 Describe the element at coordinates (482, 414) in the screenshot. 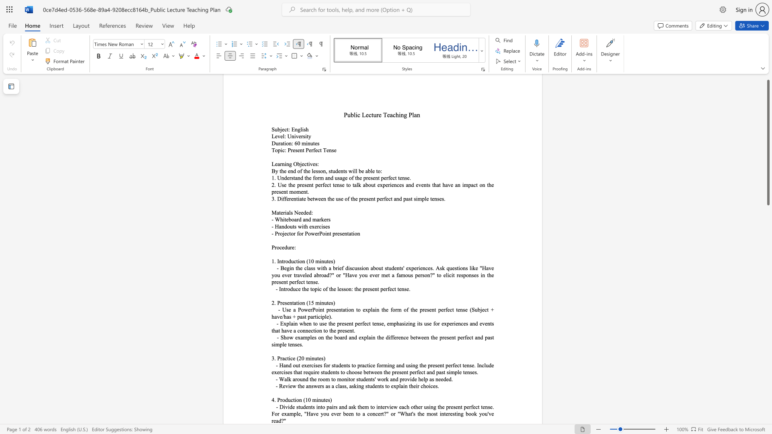

I see `the subset text "ou" within the text "- Divide students into pairs and ask them to interview each other using the present perfect tense. For example,"` at that location.